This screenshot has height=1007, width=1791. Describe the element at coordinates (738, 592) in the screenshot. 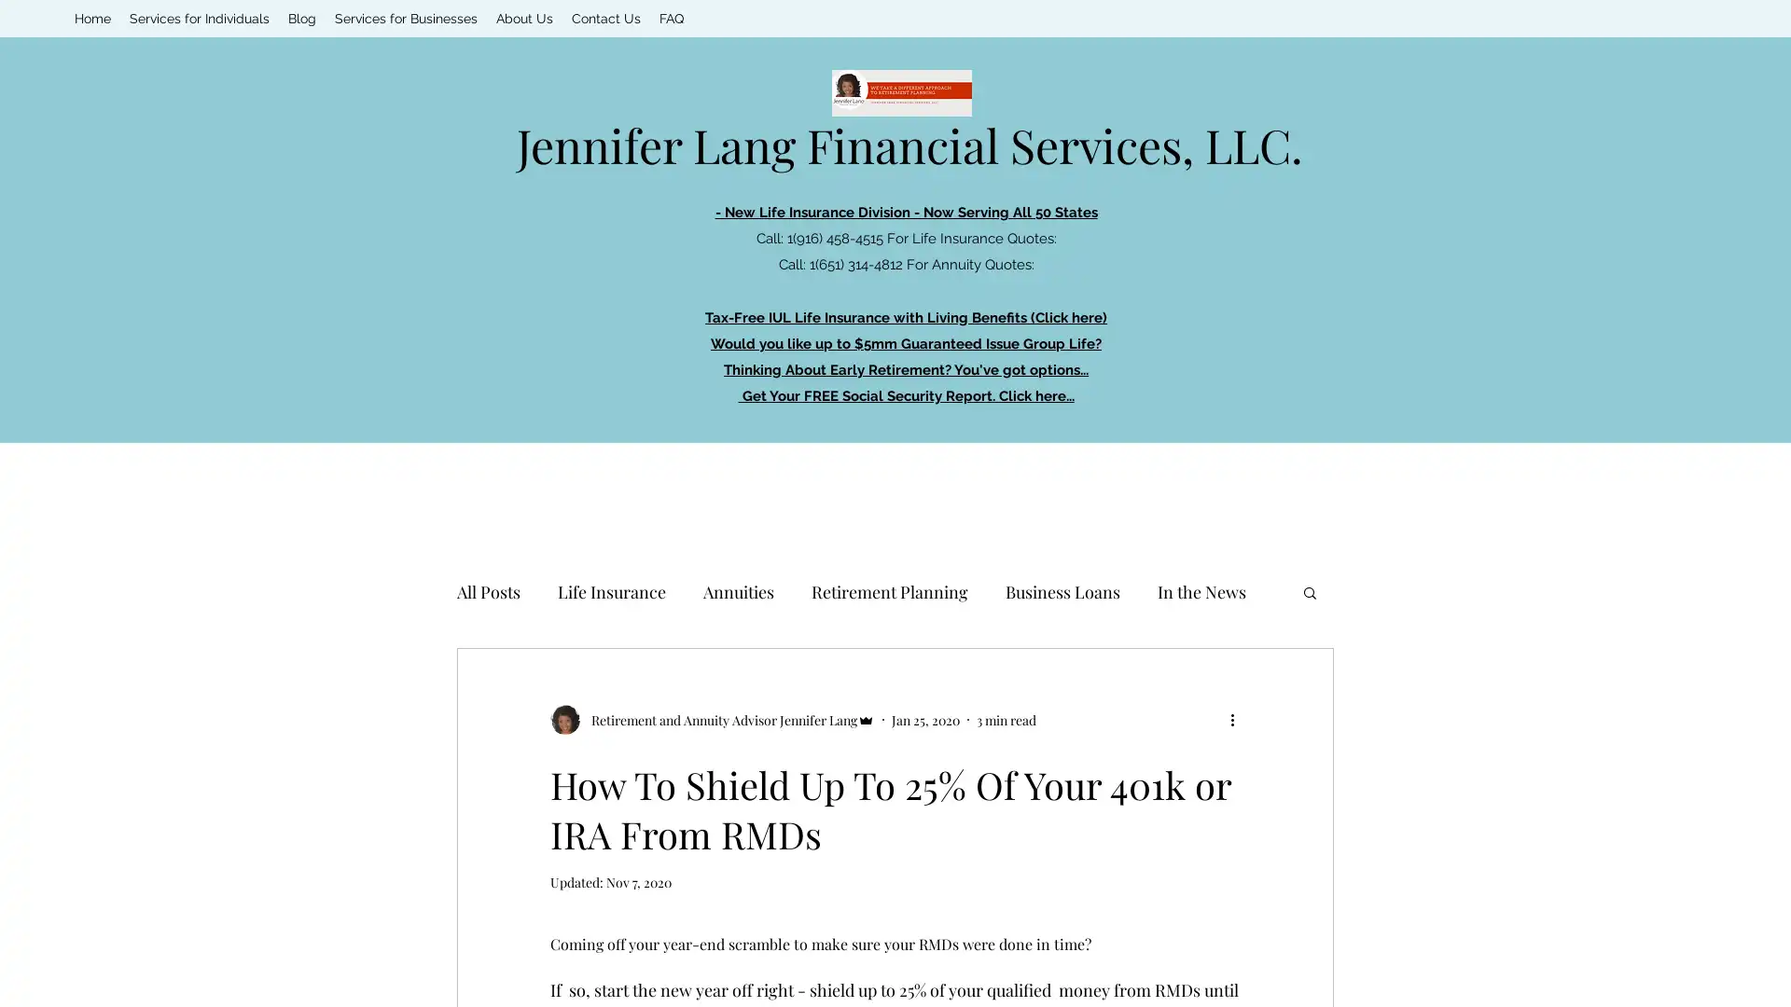

I see `Annuities` at that location.